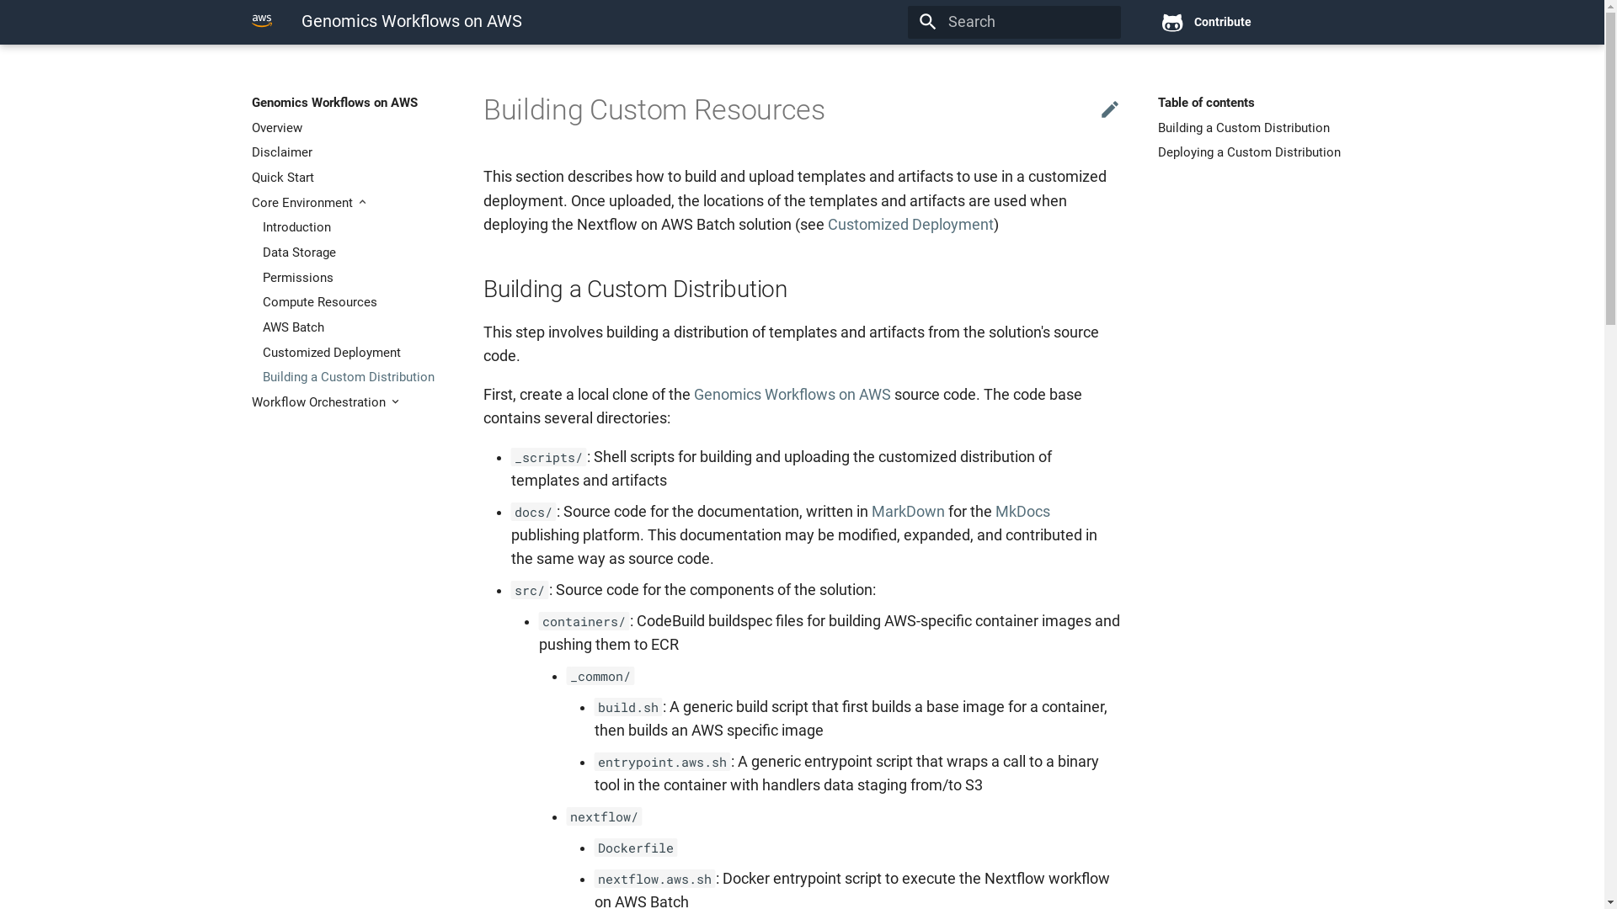 The width and height of the screenshot is (1617, 909). I want to click on 'Genomics Workflows on AWS', so click(261, 20).